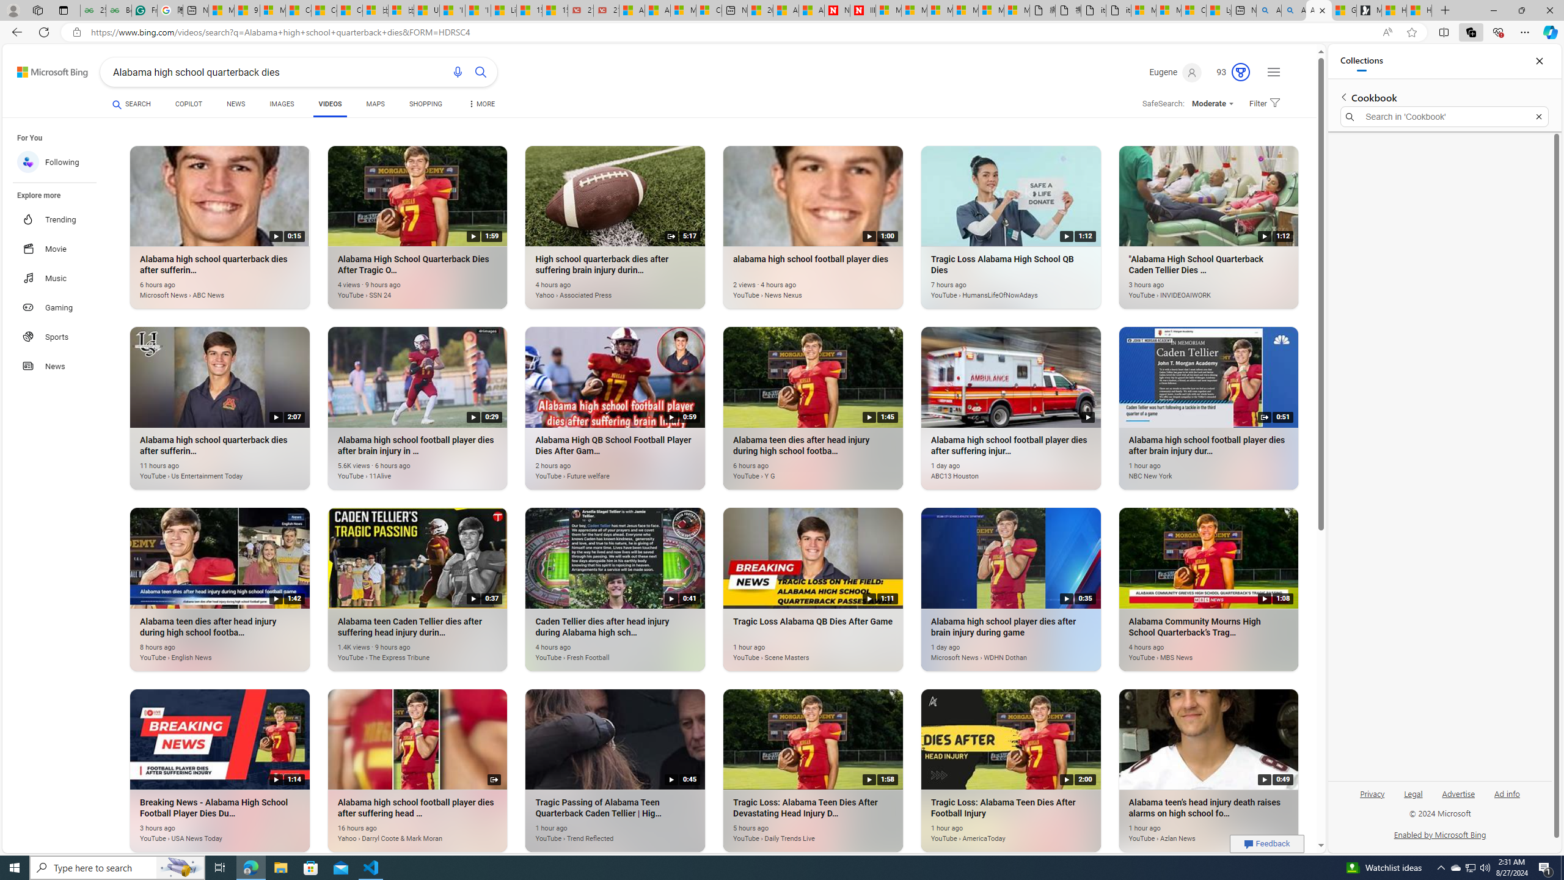 Image resolution: width=1564 pixels, height=880 pixels. I want to click on 'MORE', so click(480, 105).